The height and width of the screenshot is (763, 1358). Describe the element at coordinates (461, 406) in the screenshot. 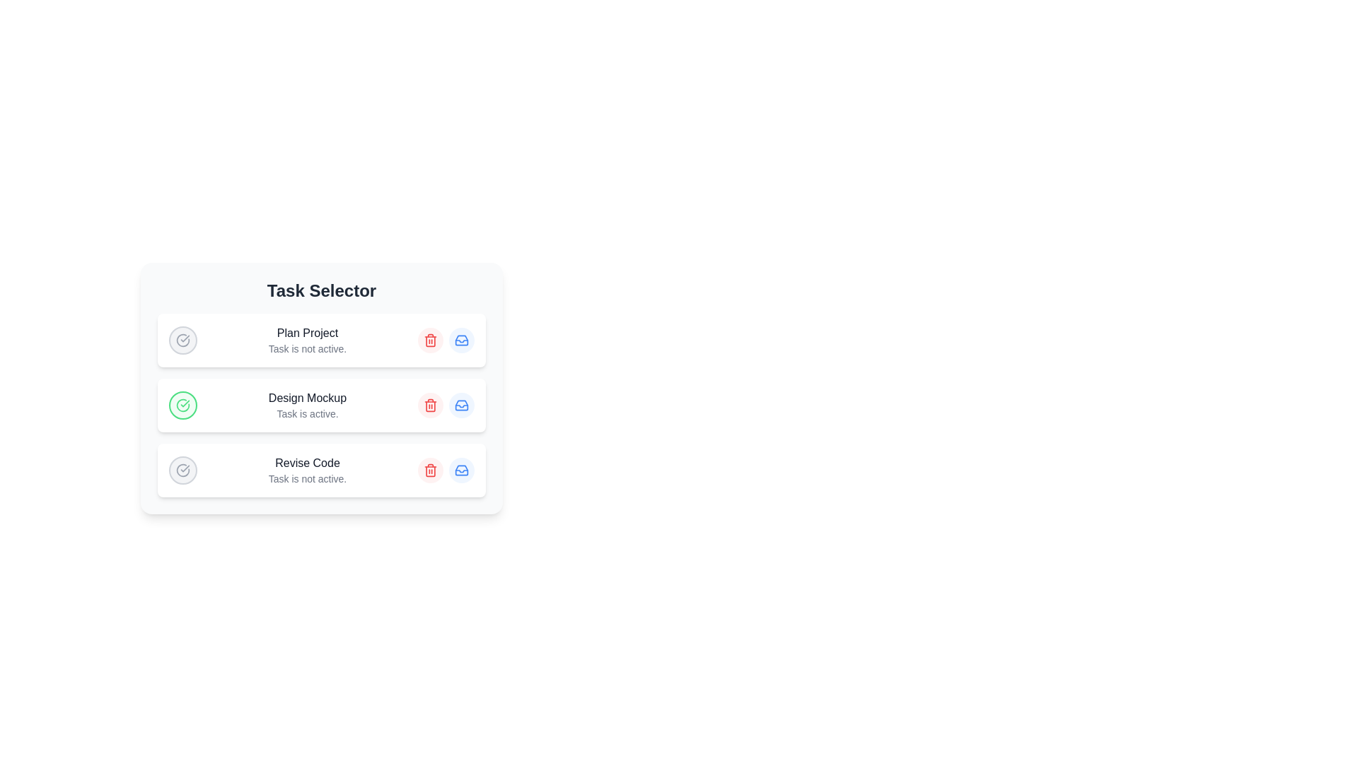

I see `the icon representing the 'Design Mockup' task located in the 'Task Selector' panel` at that location.